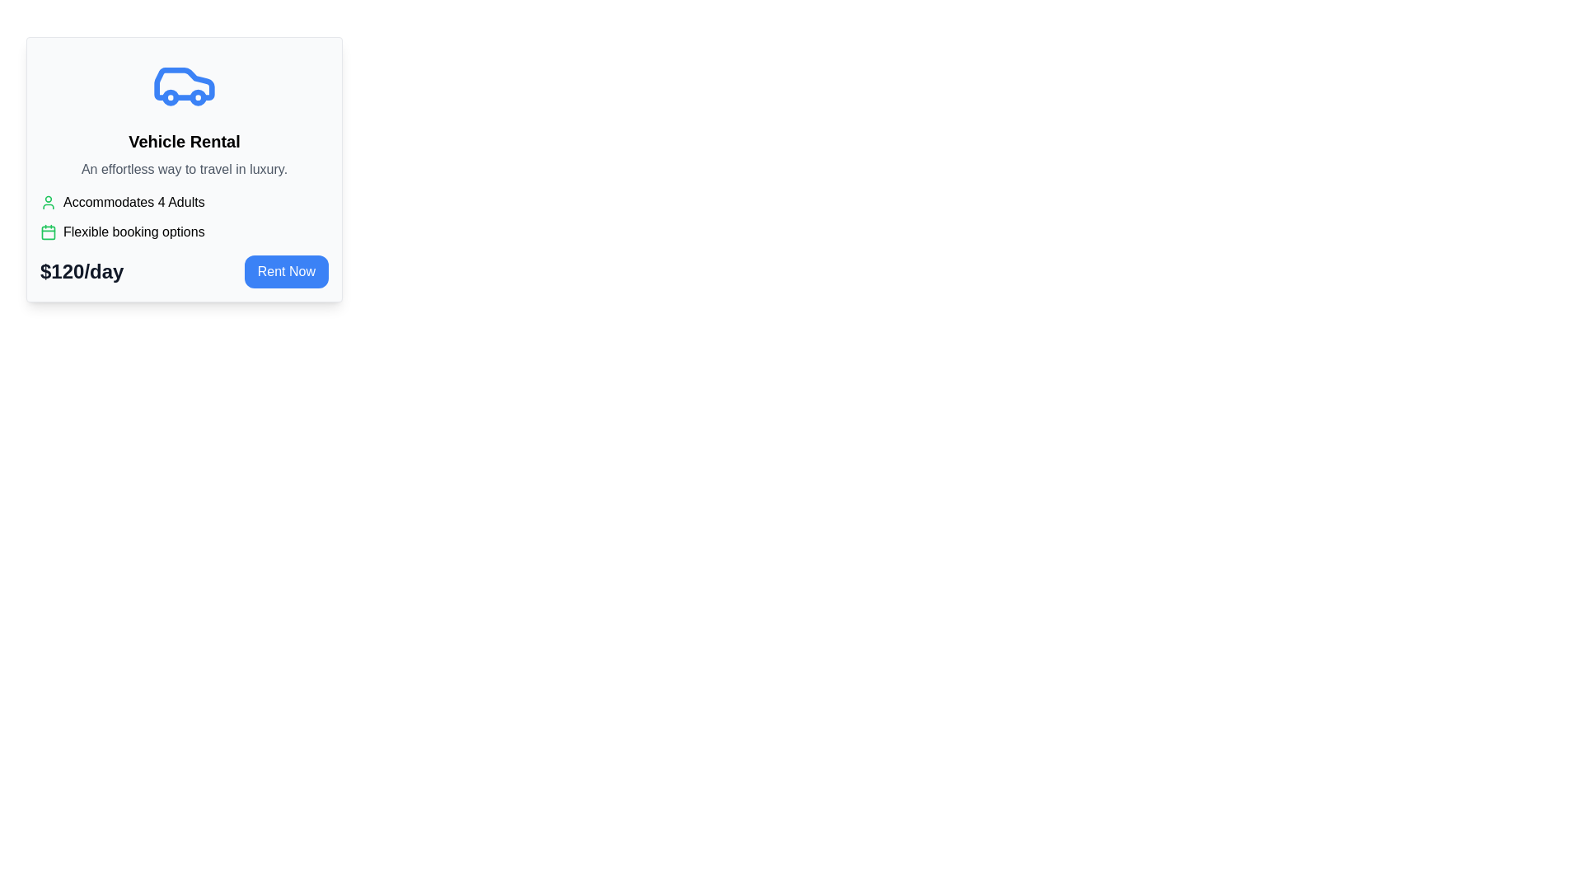 The image size is (1582, 890). I want to click on the icon that visually represents the number of adults accommodated, located within the card layout next to the text 'Accommodates 4 Adults', so click(48, 202).